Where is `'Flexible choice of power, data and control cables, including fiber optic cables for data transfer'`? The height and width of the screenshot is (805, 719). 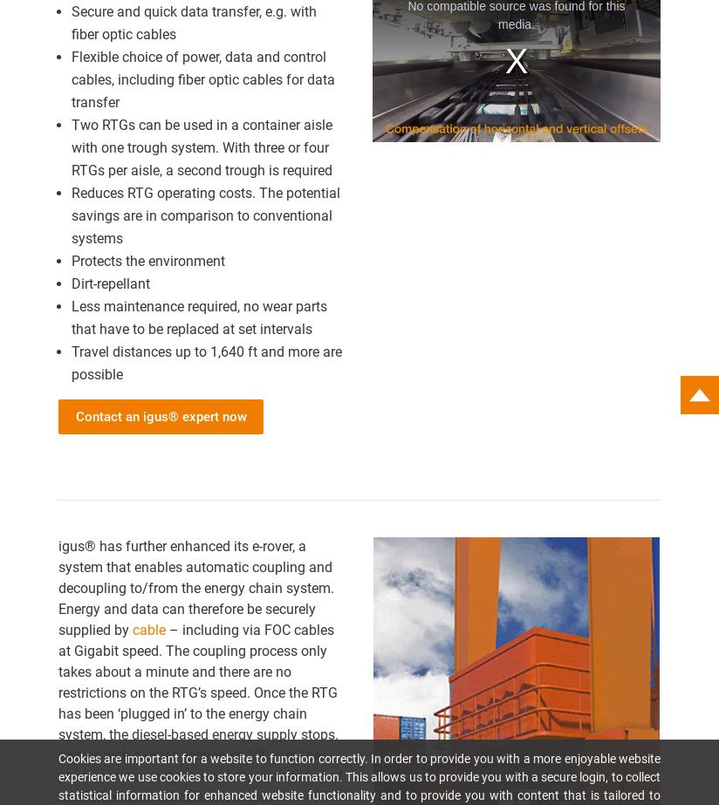
'Flexible choice of power, data and control cables, including fiber optic cables for data transfer' is located at coordinates (202, 78).